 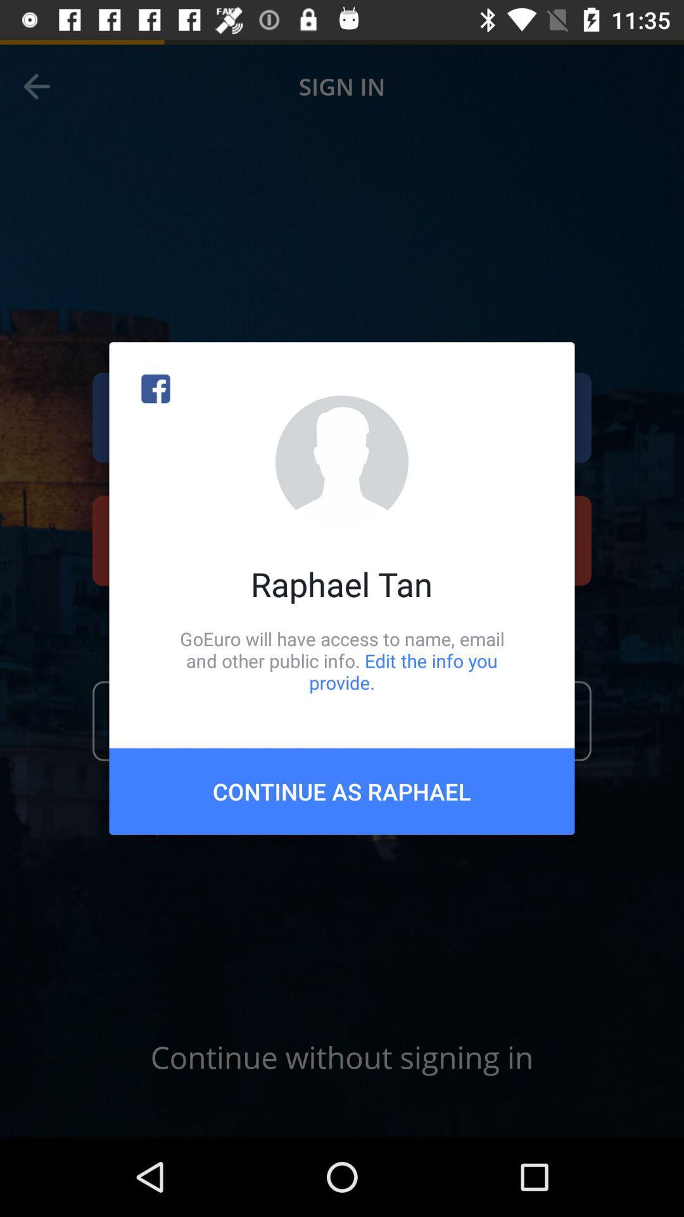 What do you see at coordinates (342, 660) in the screenshot?
I see `the goeuro will have item` at bounding box center [342, 660].